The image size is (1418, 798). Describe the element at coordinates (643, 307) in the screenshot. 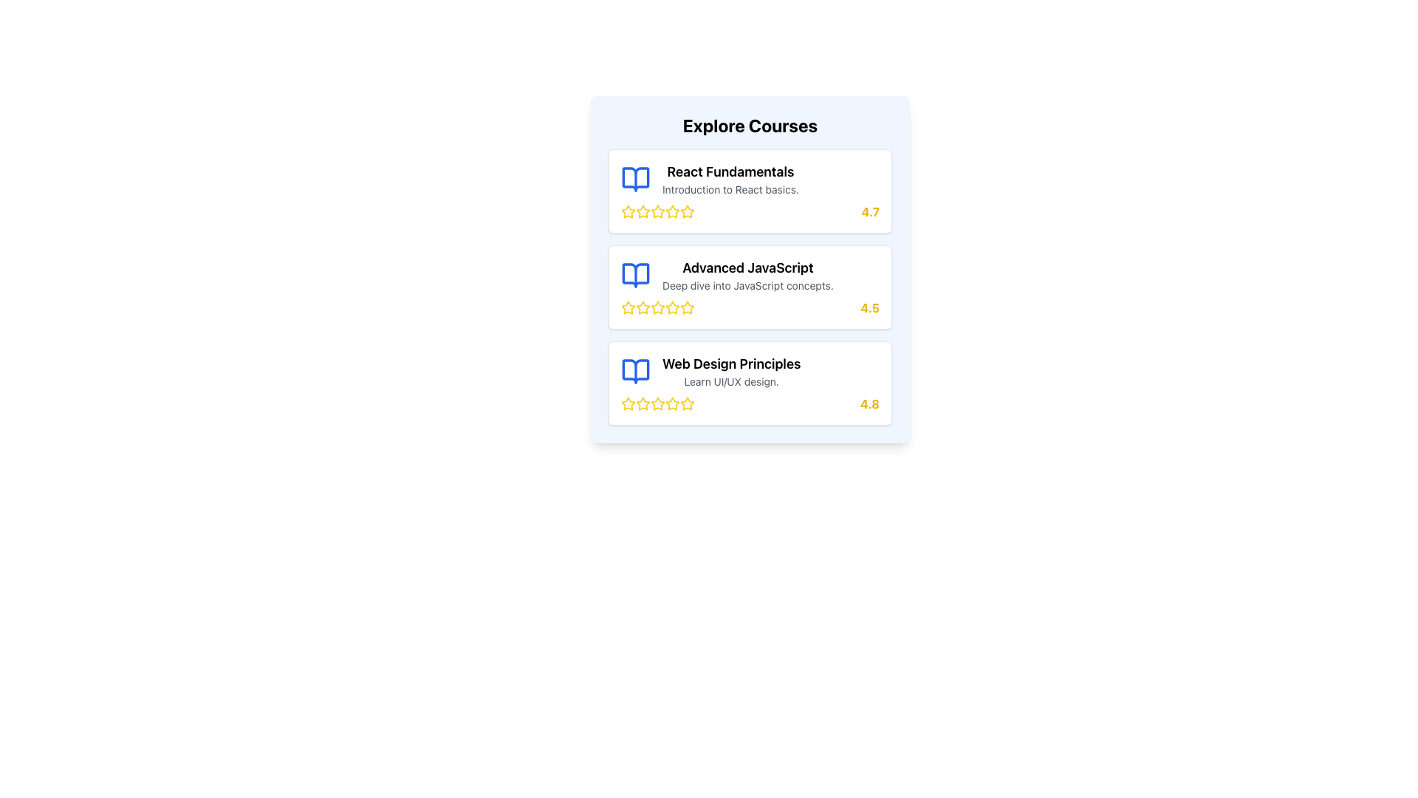

I see `the third star icon in the five-star rating system for the 'Advanced JavaScript' course, which visually represents a selected rating` at that location.